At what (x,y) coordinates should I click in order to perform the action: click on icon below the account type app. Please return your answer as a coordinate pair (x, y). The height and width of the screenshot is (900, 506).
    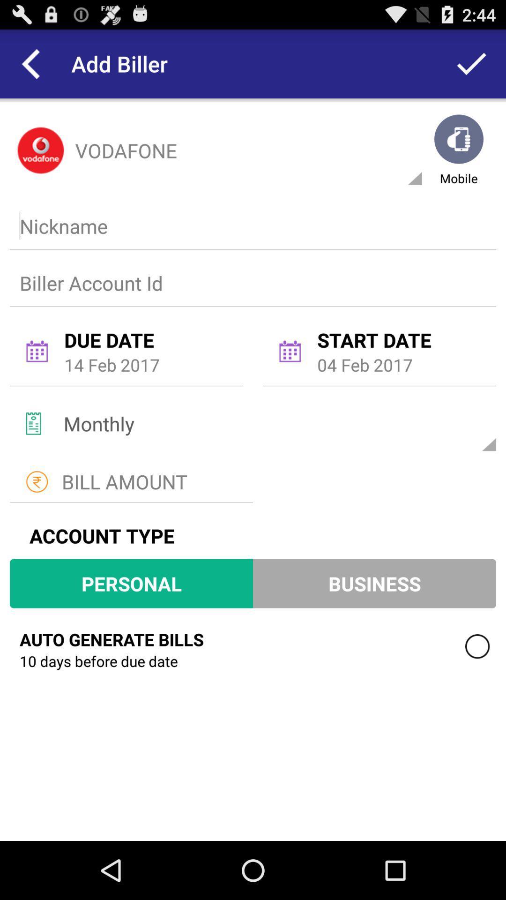
    Looking at the image, I should click on (131, 583).